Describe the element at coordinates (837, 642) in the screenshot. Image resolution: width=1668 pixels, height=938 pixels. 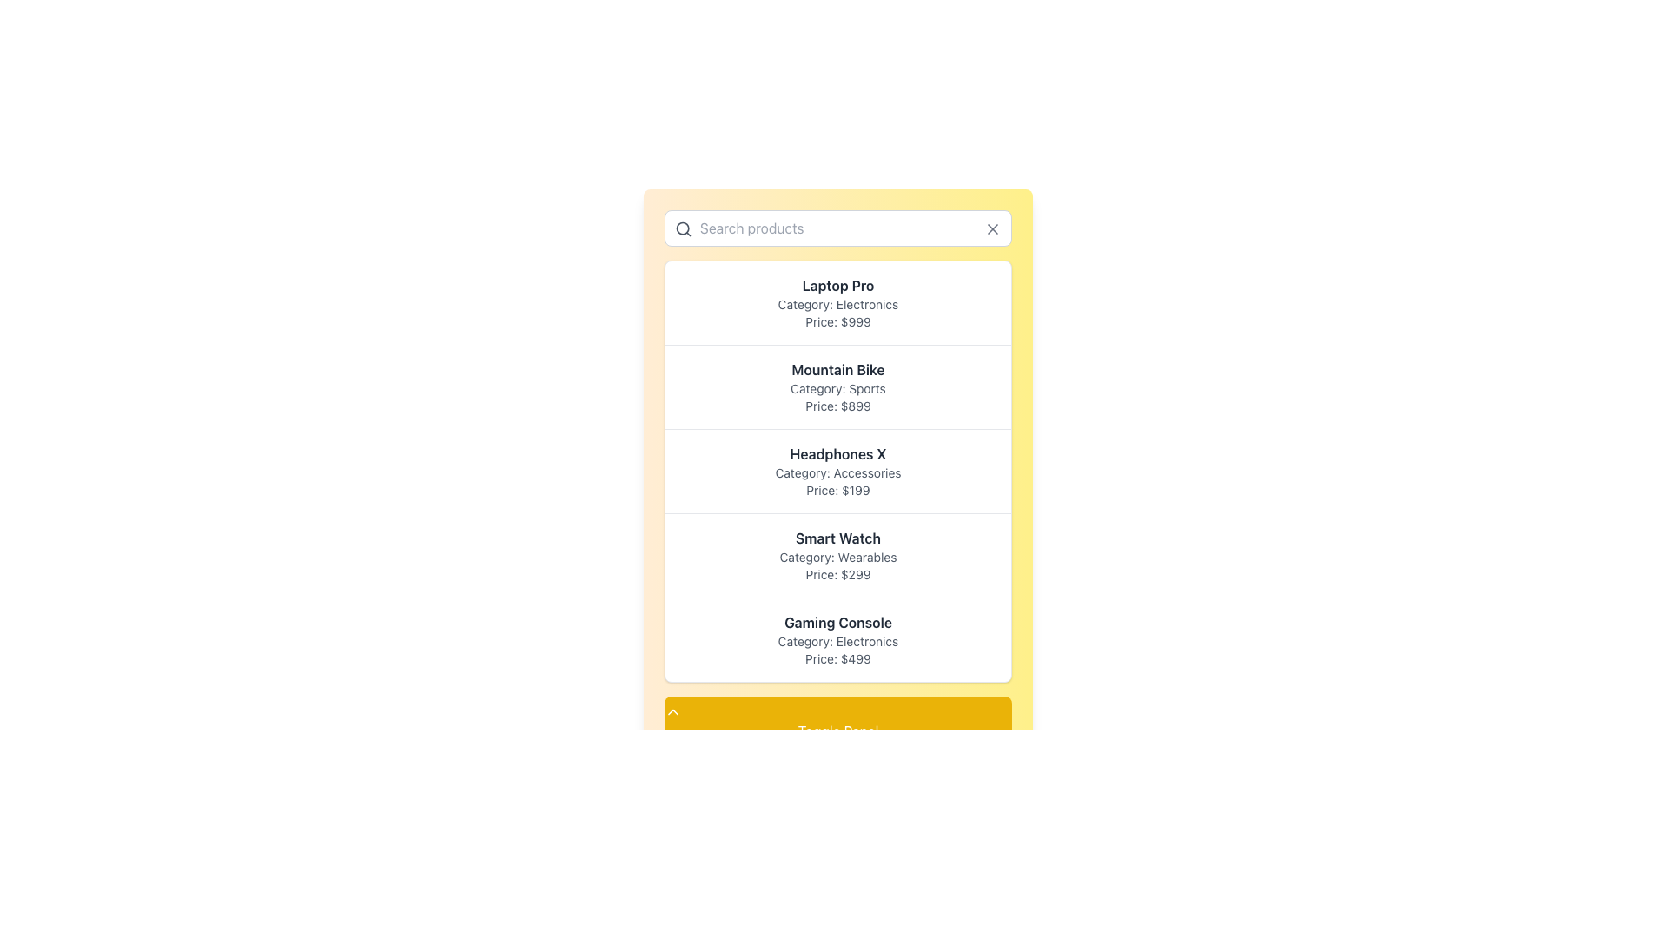
I see `the Text Label that categorizes the product as 'Electronics', located below the title 'Gaming Console' and above the price information in the product listing card` at that location.